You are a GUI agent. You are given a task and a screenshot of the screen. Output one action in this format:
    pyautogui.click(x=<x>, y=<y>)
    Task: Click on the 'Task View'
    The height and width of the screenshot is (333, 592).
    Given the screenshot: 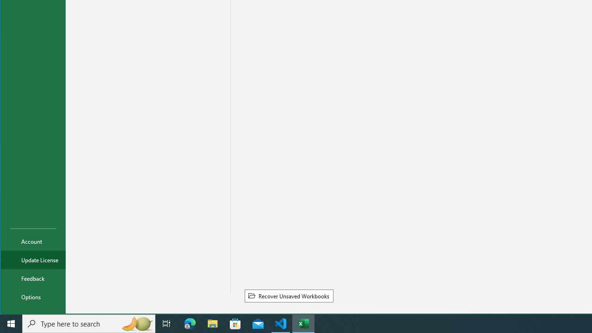 What is the action you would take?
    pyautogui.click(x=166, y=323)
    